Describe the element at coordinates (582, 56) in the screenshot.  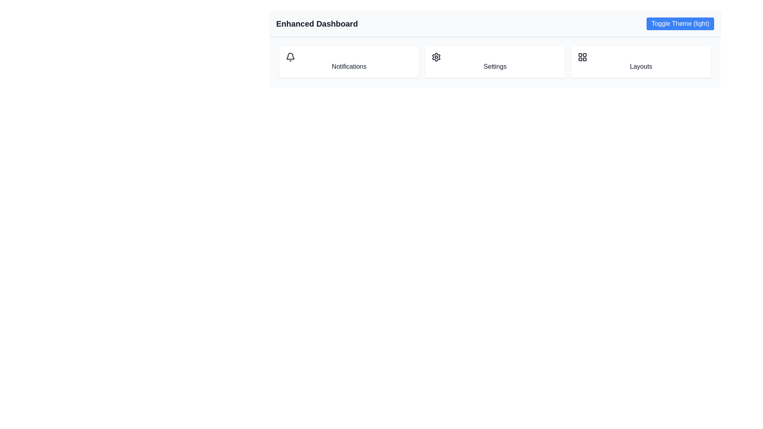
I see `the grid icon within the 'Layouts' card on the dashboard, which consists of four smaller squares arranged in a 2x2 layout` at that location.